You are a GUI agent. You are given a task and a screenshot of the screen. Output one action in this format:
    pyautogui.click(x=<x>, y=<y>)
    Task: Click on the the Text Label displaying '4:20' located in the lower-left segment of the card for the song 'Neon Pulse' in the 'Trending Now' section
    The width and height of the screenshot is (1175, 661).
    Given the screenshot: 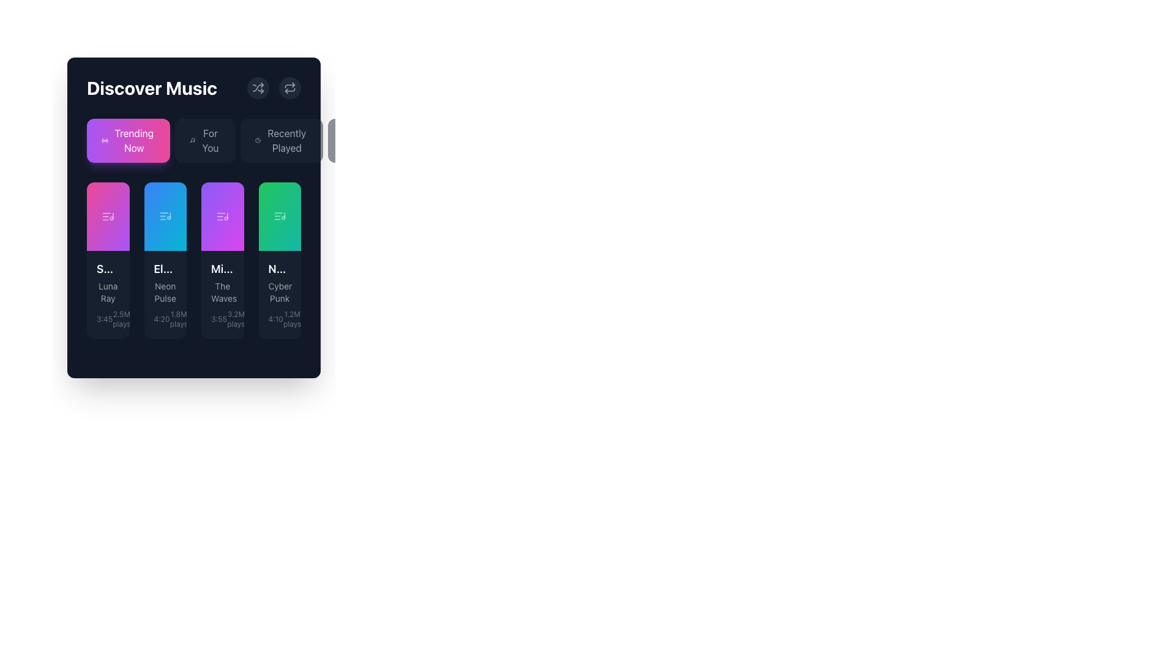 What is the action you would take?
    pyautogui.click(x=161, y=318)
    